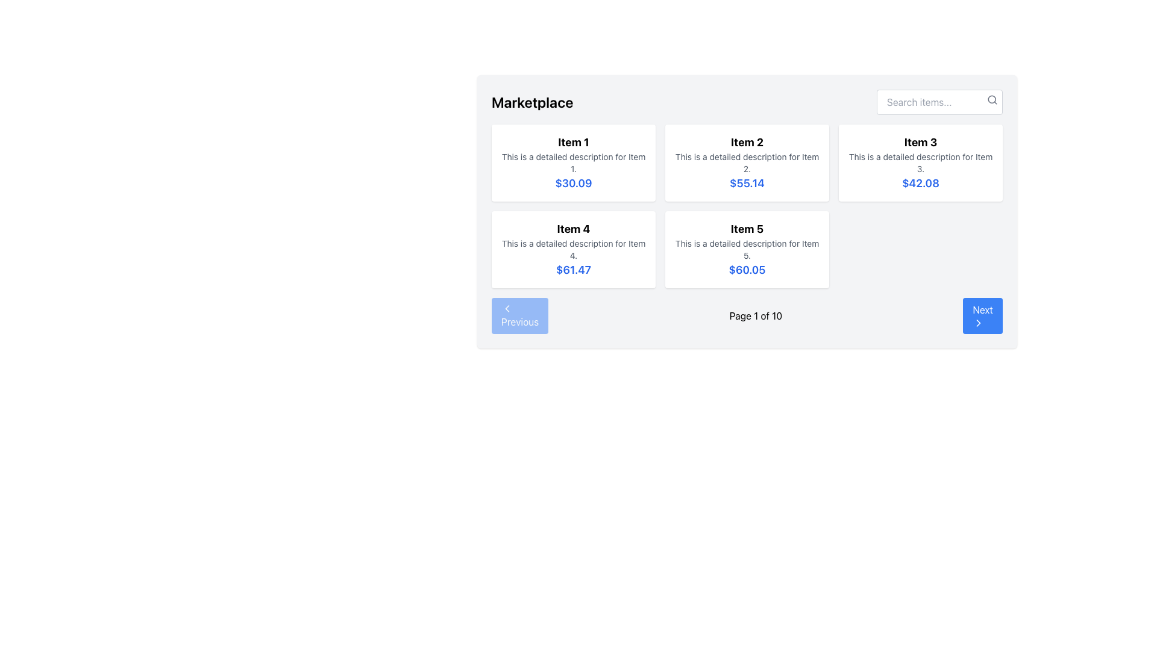 The image size is (1157, 650). I want to click on the text label that serves as the title for the card in the top-right card of a 2x3 grid under the 'Marketplace' header, so click(920, 141).